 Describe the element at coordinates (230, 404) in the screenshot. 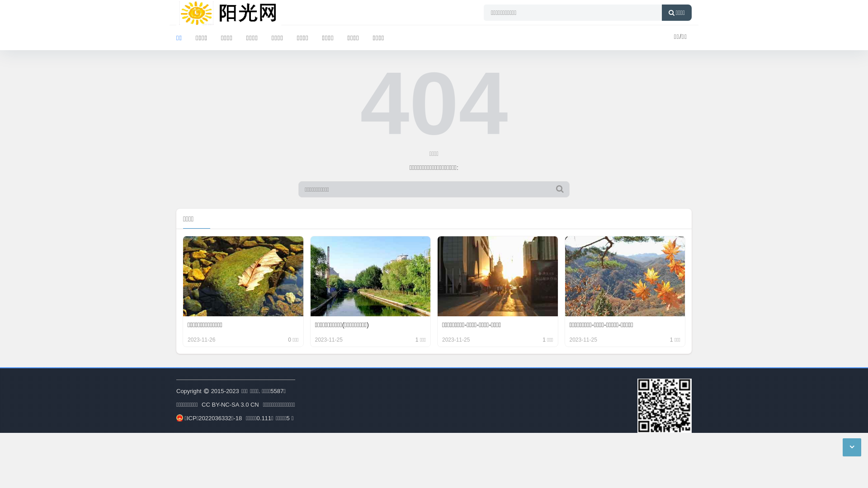

I see `'CC BY-NC-SA 3.0 CN'` at that location.